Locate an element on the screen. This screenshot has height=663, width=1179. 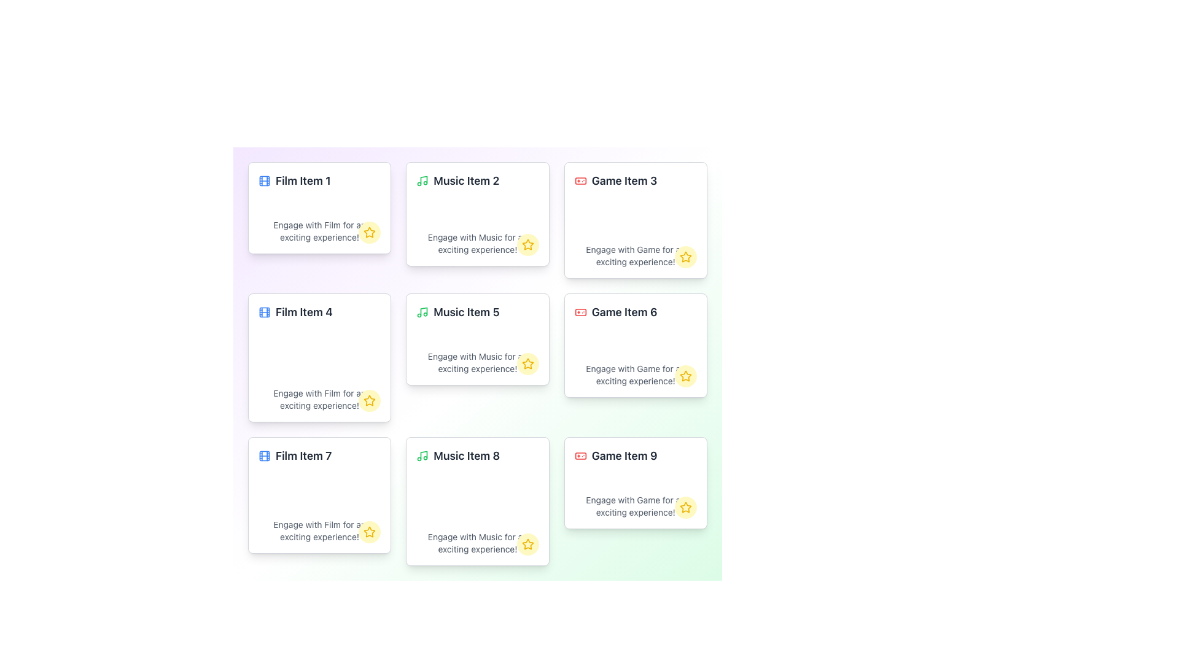
the card titled 'Film Item 7' is located at coordinates (319, 494).